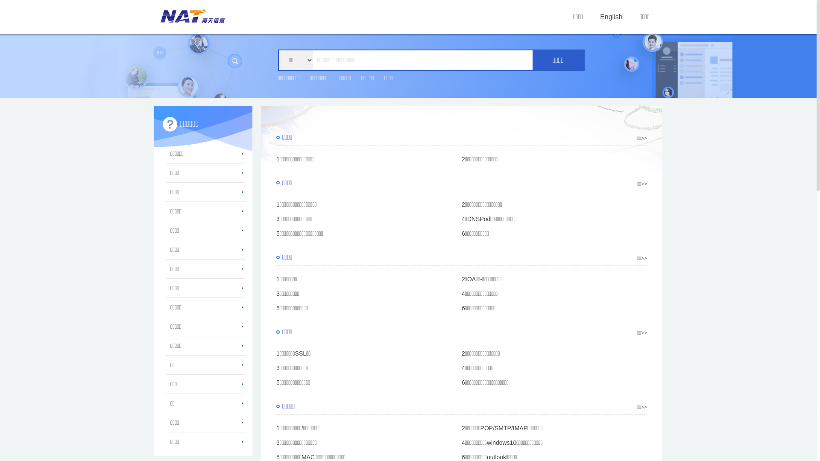 Image resolution: width=820 pixels, height=461 pixels. What do you see at coordinates (192, 16) in the screenshot?
I see `'LANG_LOGIN_LOGO_TITLE'` at bounding box center [192, 16].